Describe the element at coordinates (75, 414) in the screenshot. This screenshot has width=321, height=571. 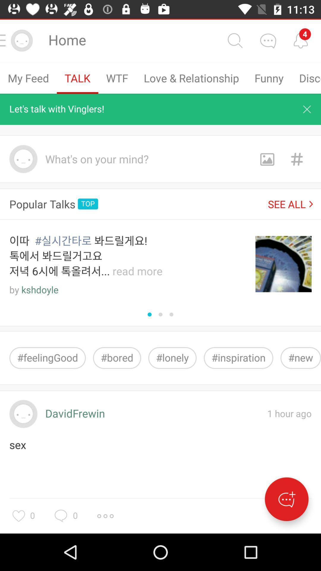
I see `davidfrewin item` at that location.